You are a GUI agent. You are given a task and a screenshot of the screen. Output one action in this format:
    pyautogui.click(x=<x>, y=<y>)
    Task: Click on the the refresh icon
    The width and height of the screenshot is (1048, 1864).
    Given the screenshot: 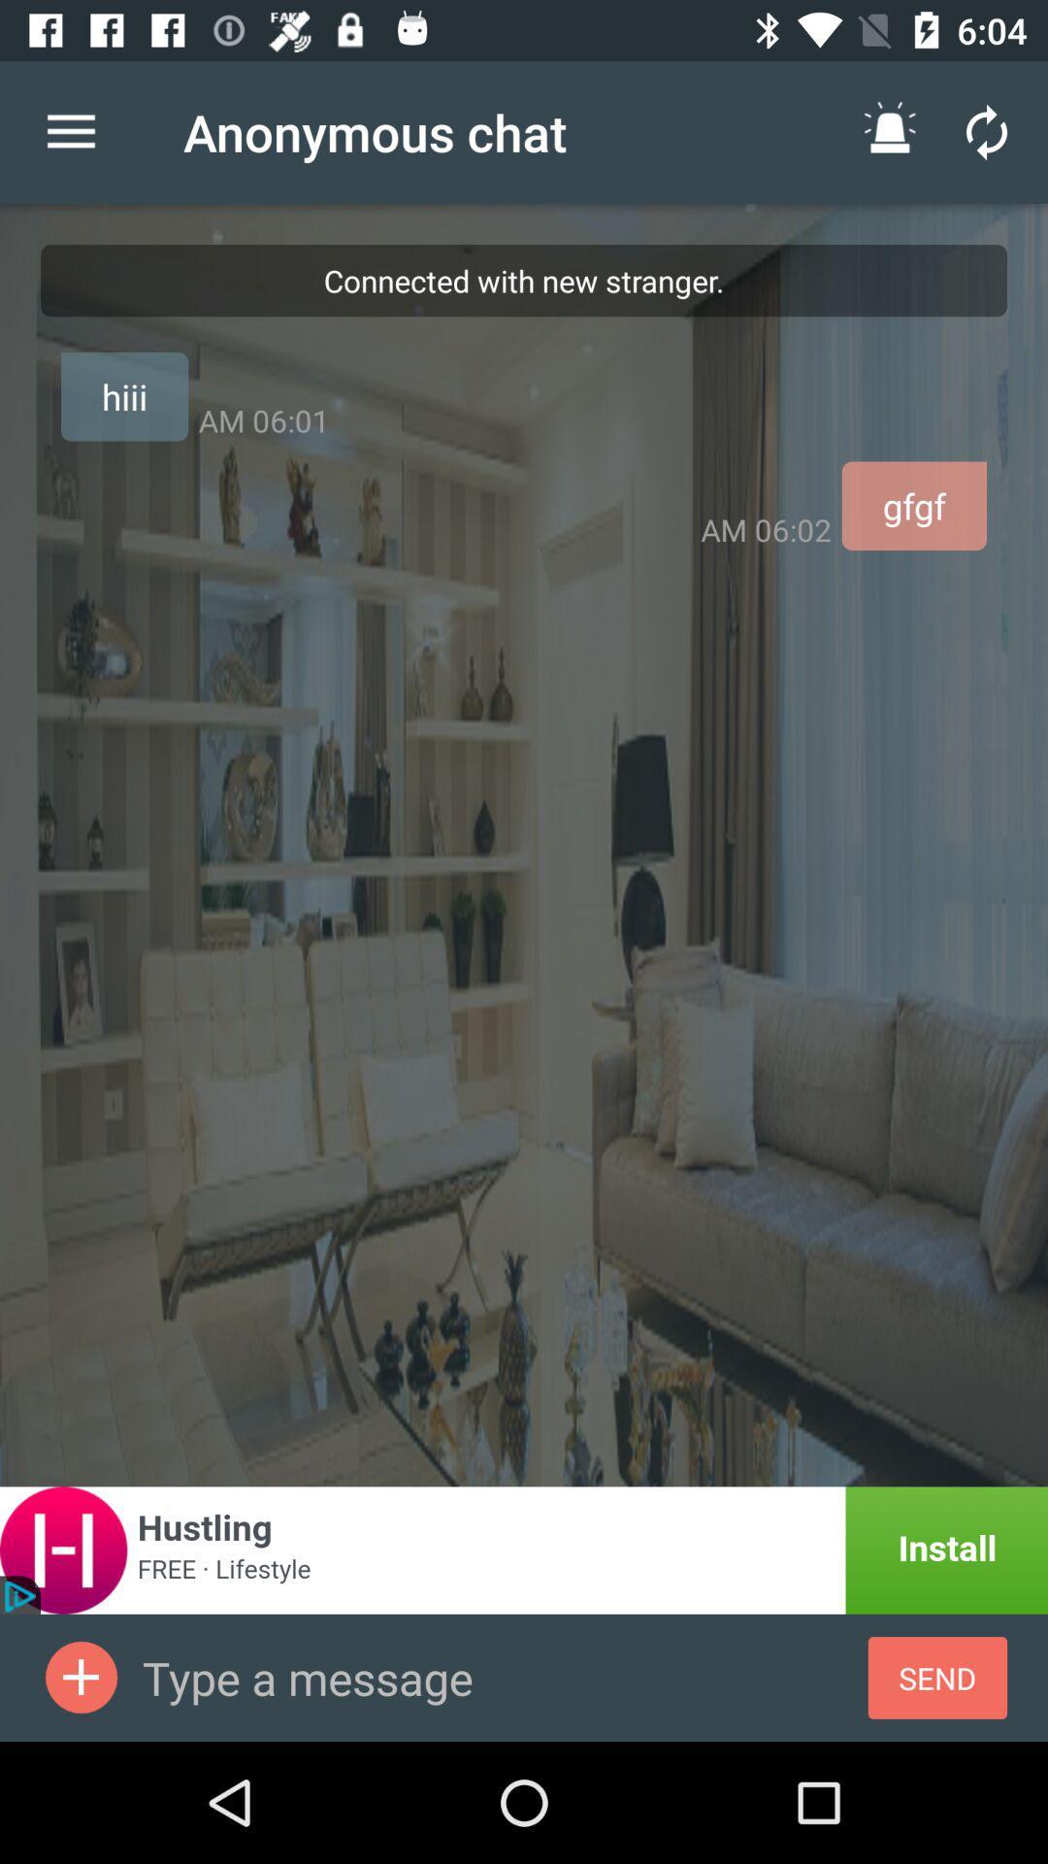 What is the action you would take?
    pyautogui.click(x=987, y=131)
    